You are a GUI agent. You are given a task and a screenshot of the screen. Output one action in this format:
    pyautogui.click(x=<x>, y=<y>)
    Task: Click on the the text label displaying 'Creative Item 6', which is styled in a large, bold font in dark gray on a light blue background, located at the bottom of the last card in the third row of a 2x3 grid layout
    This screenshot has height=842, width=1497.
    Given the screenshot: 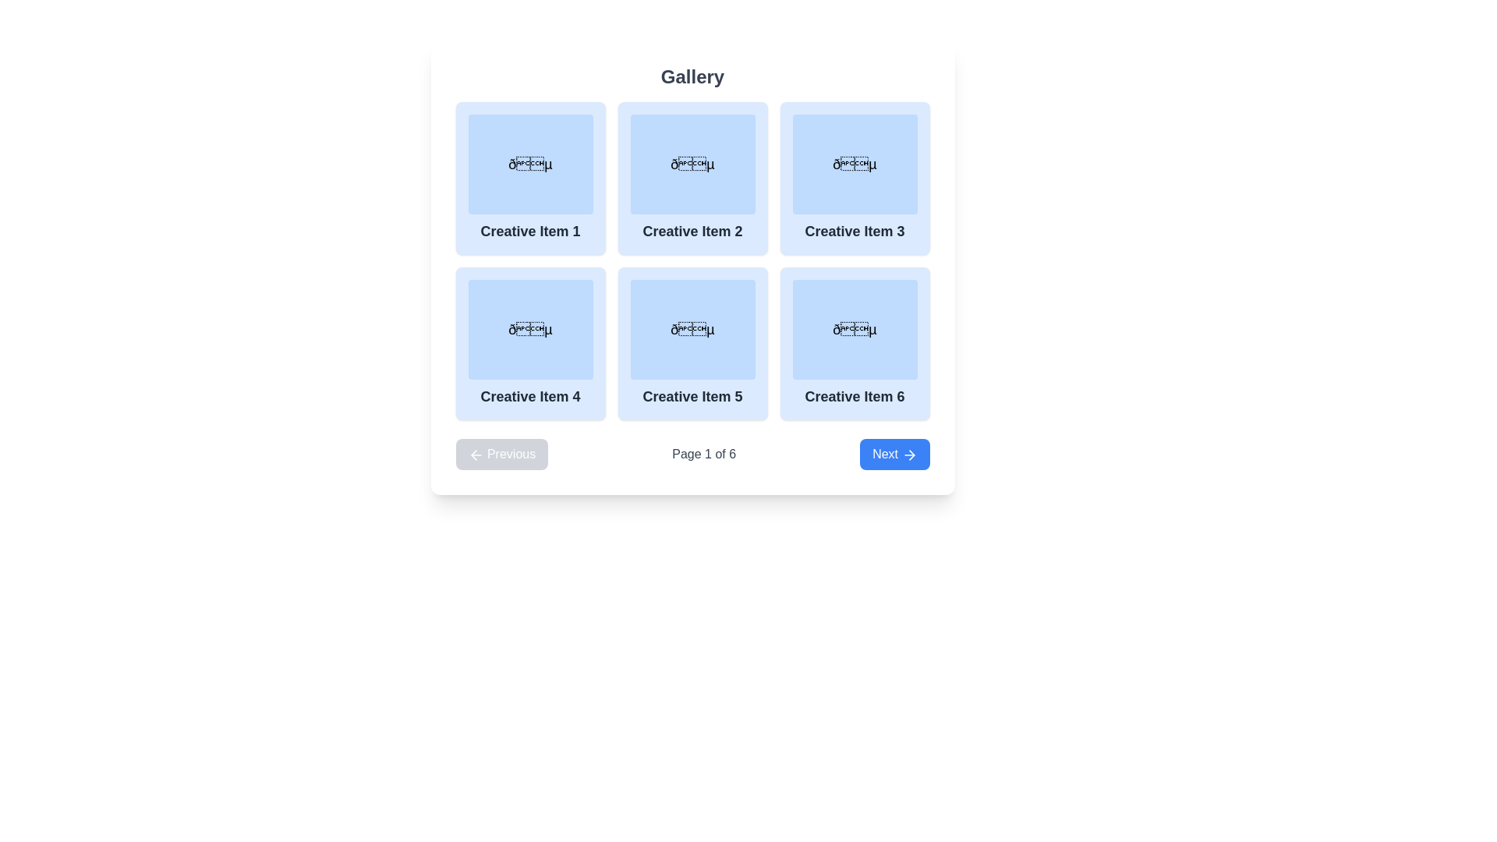 What is the action you would take?
    pyautogui.click(x=854, y=396)
    